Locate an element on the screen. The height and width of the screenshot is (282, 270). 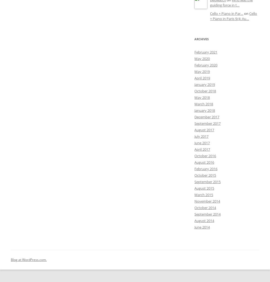
'October 2016' is located at coordinates (205, 156).